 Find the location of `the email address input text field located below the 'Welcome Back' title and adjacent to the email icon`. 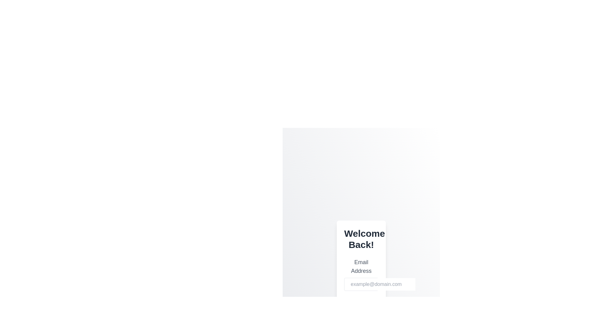

the email address input text field located below the 'Welcome Back' title and adjacent to the email icon is located at coordinates (382, 284).